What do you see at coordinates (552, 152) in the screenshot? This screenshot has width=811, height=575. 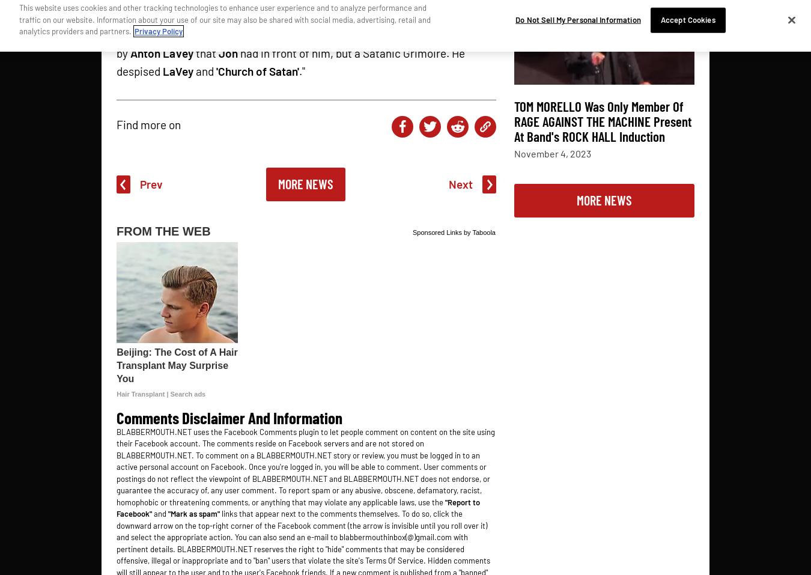 I see `'November 4, 2023'` at bounding box center [552, 152].